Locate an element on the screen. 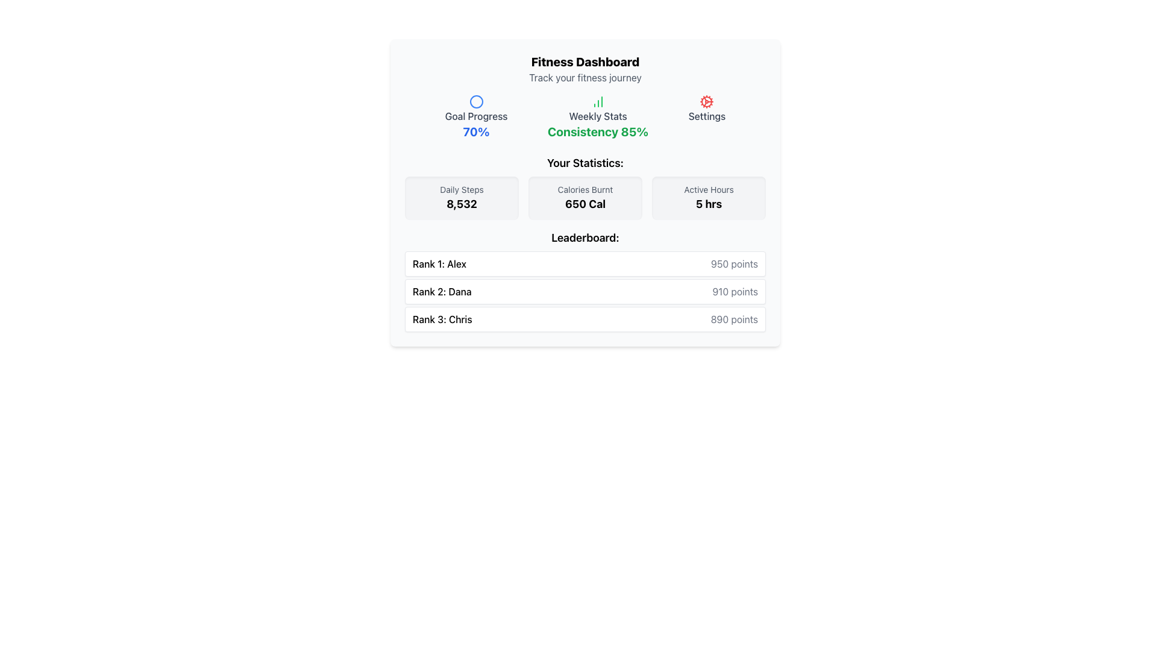 The image size is (1157, 651). the 'Daily Steps' text label, which is styled in gray and located in the upper section of a rounded rectangular card within the 'Your Statistics' section of the 'Fitness Dashboard' is located at coordinates (461, 190).